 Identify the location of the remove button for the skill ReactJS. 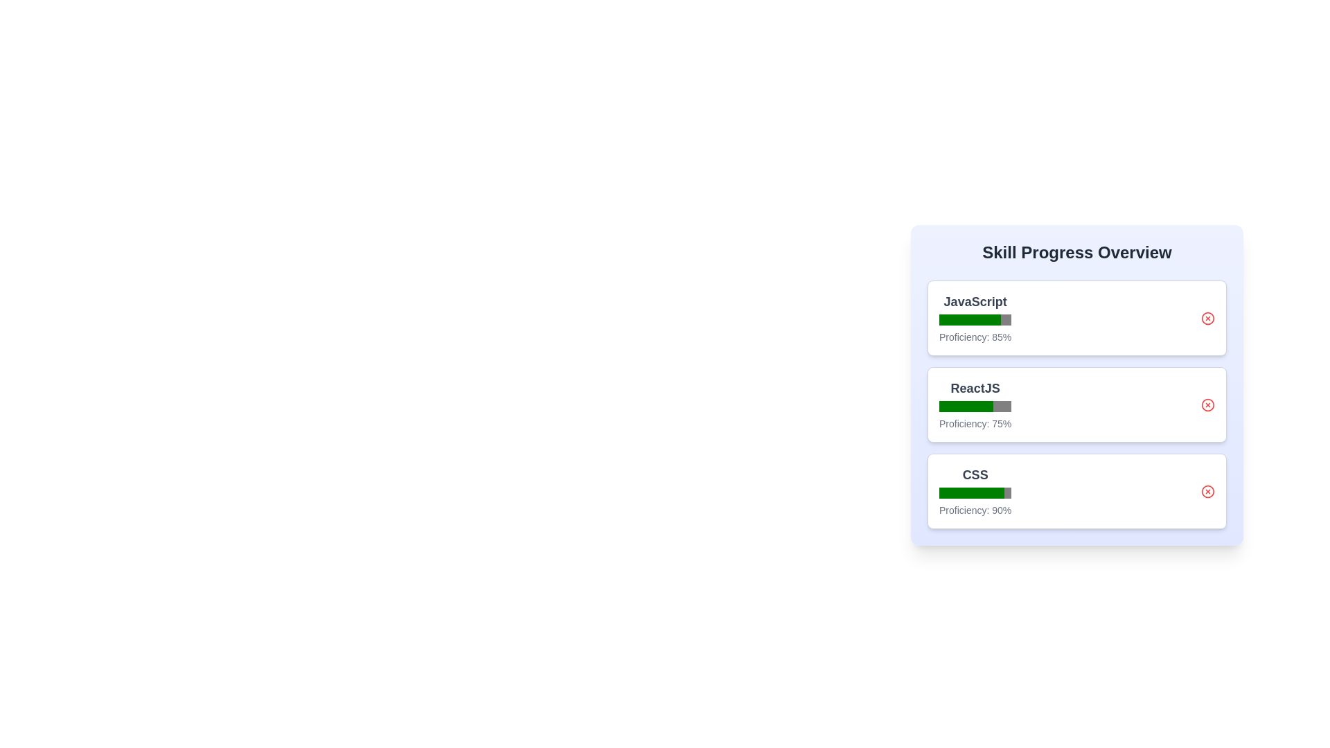
(1207, 404).